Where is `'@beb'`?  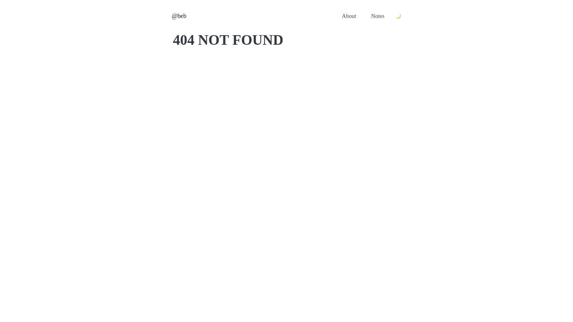
'@beb' is located at coordinates (179, 16).